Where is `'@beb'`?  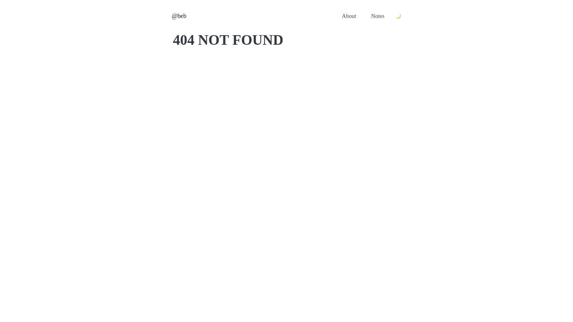
'@beb' is located at coordinates (179, 16).